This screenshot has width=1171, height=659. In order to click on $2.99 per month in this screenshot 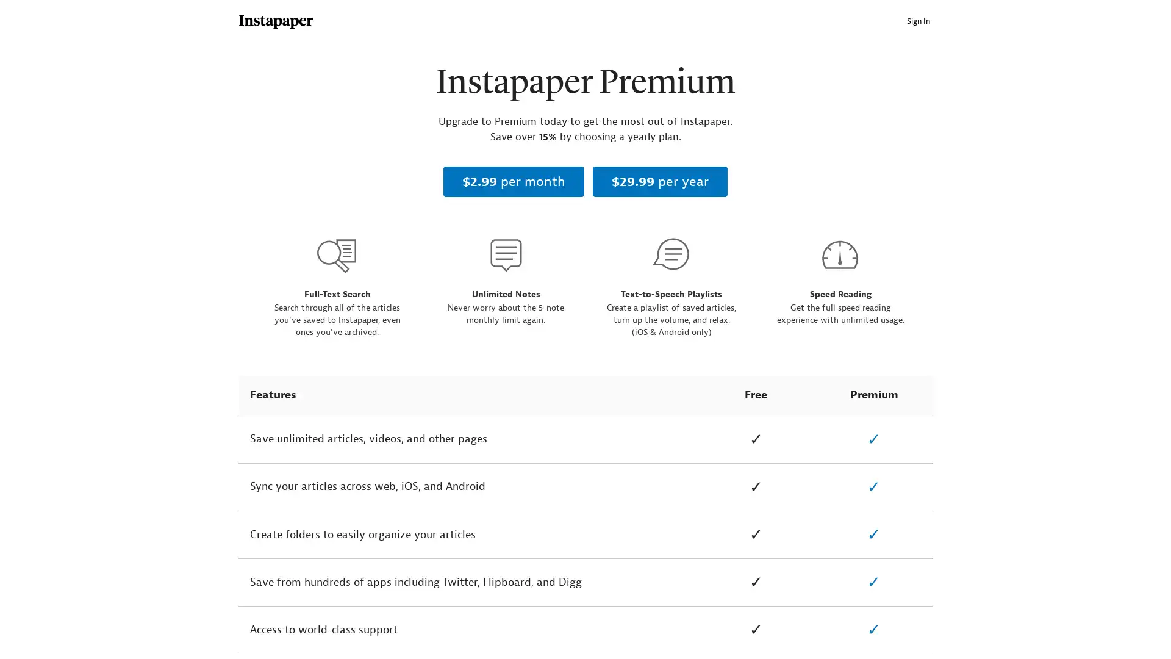, I will do `click(514, 181)`.